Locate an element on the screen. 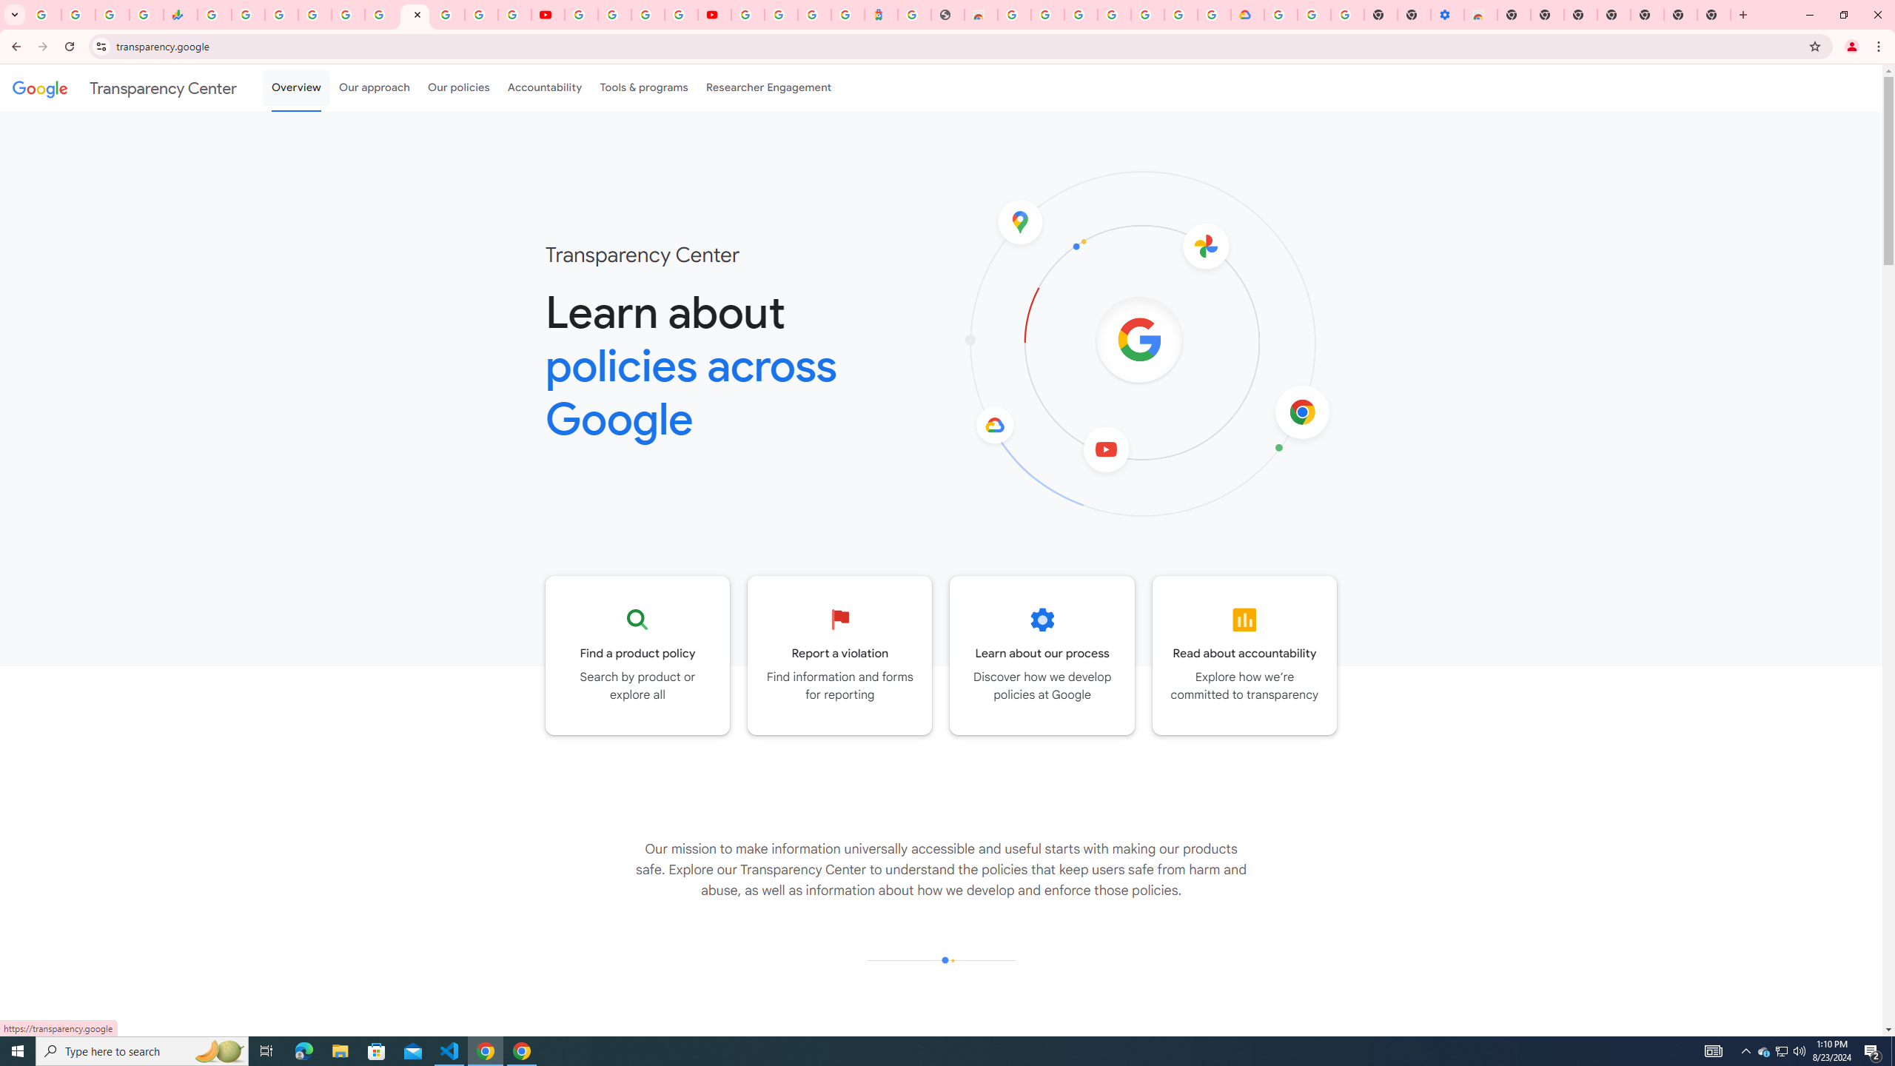  'Transparency Center' is located at coordinates (124, 87).